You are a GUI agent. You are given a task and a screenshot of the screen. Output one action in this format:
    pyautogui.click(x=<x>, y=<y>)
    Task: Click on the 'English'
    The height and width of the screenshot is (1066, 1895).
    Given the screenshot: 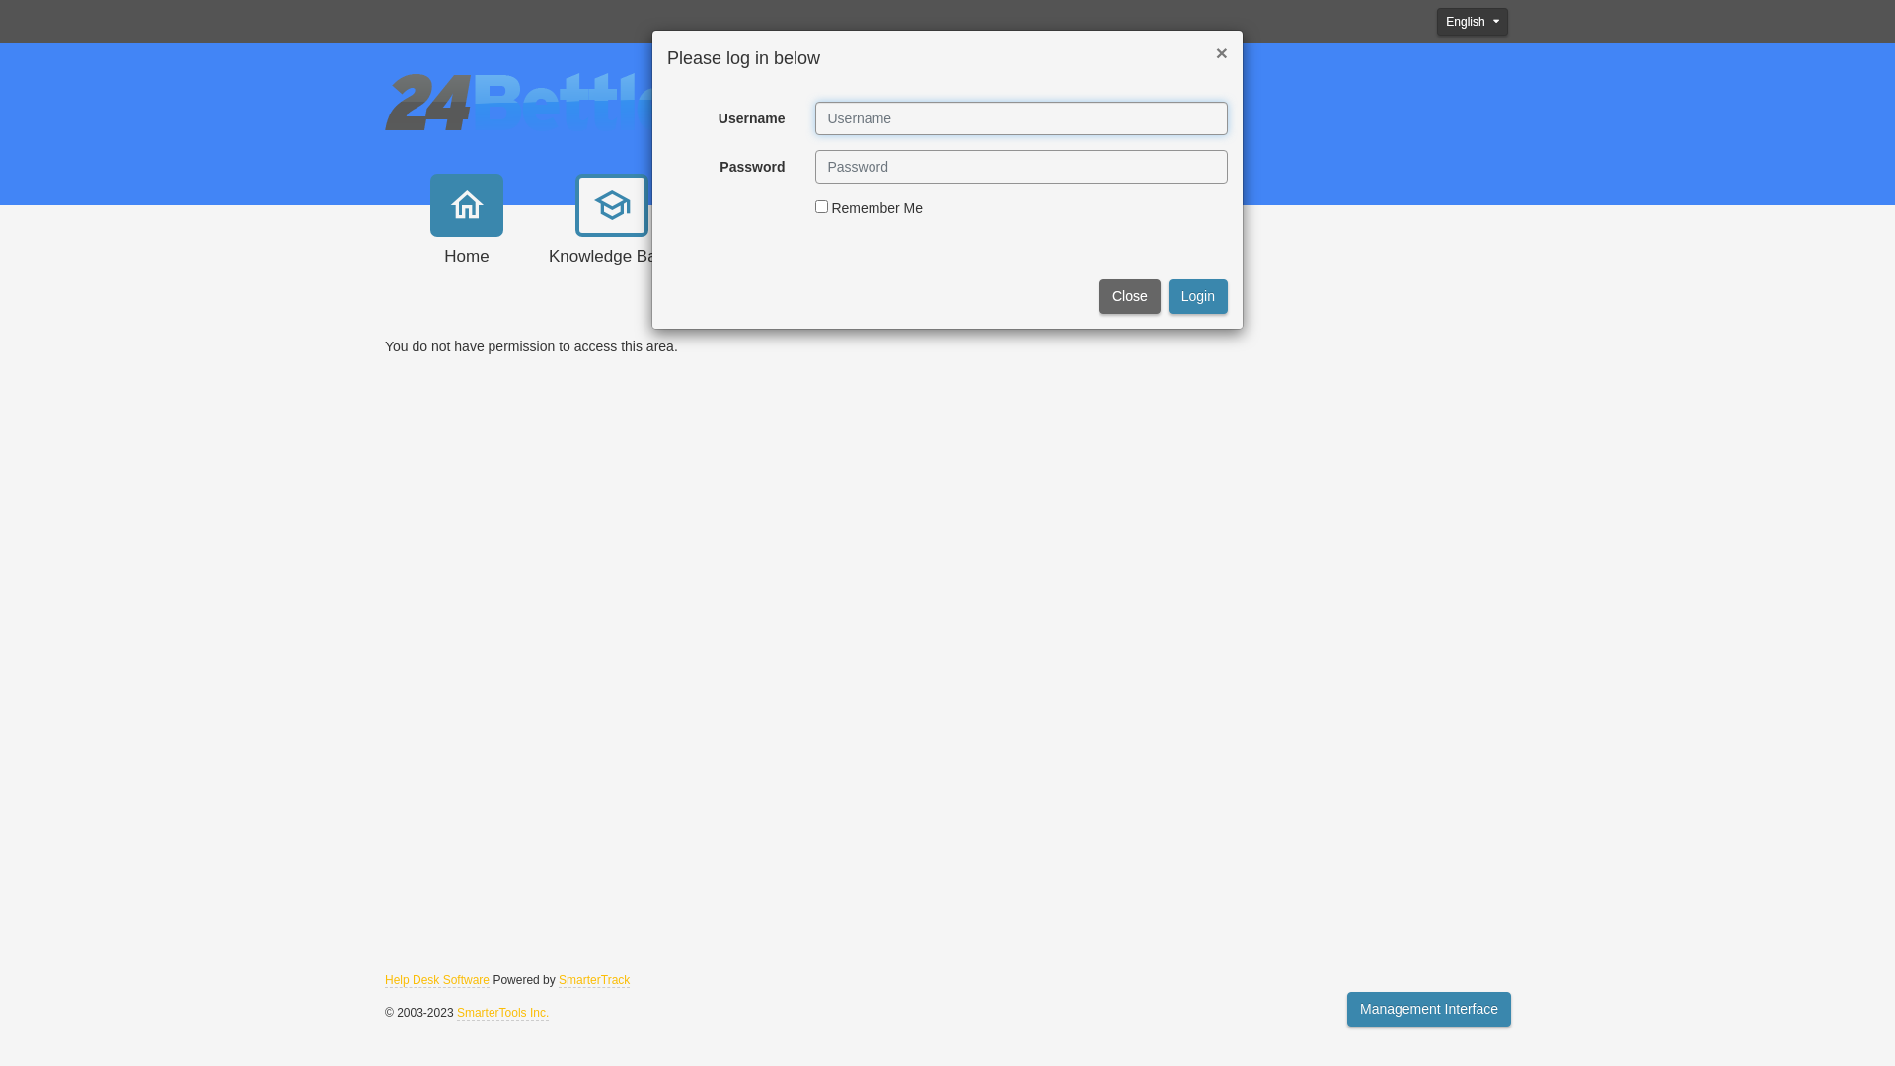 What is the action you would take?
    pyautogui.click(x=1473, y=22)
    